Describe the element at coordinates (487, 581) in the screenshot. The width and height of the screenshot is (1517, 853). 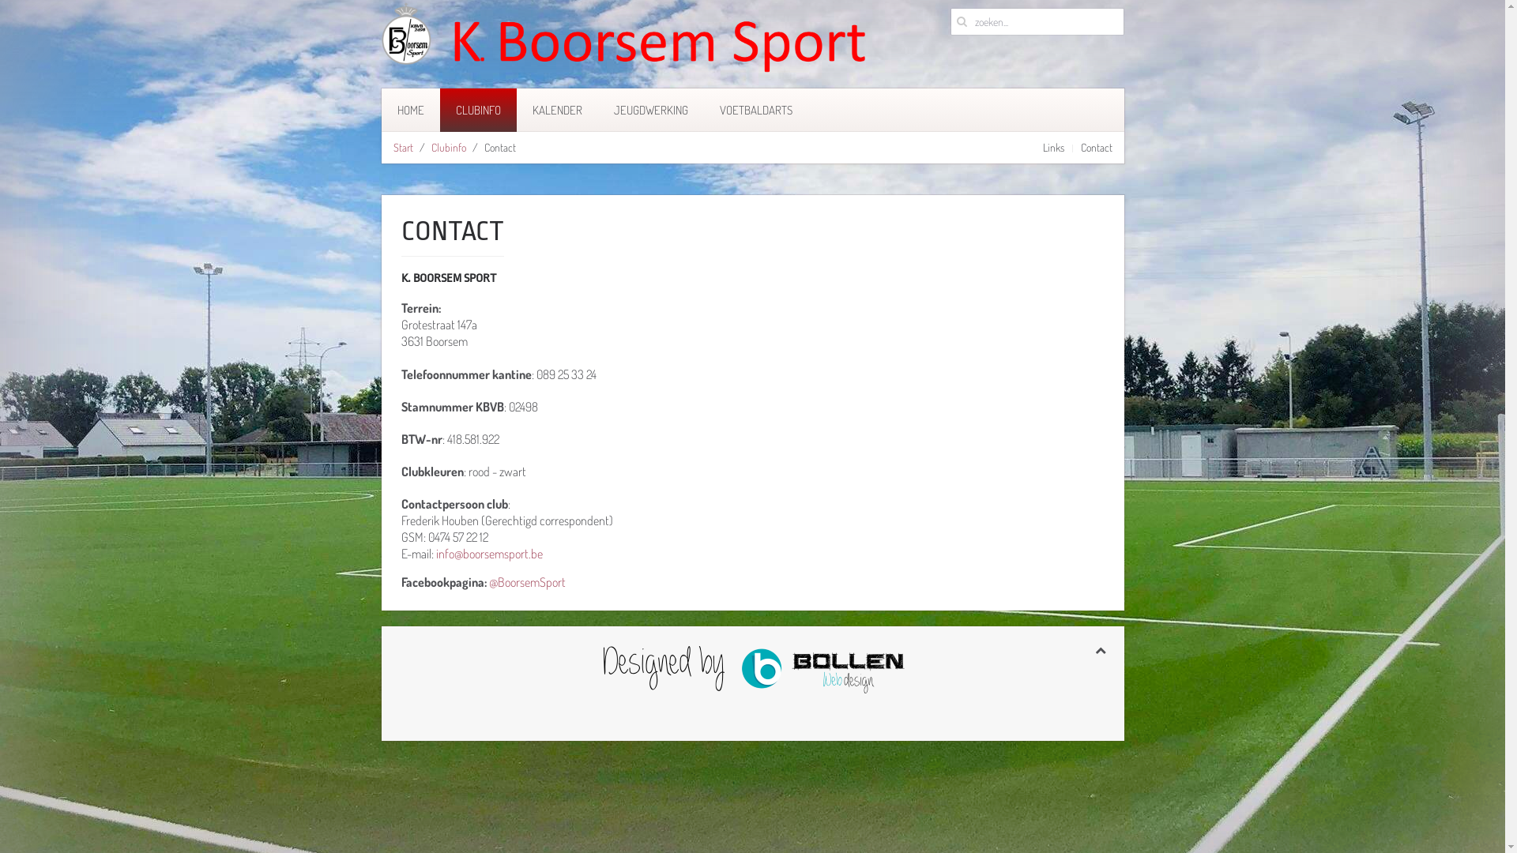
I see `'@BoorsemSport'` at that location.